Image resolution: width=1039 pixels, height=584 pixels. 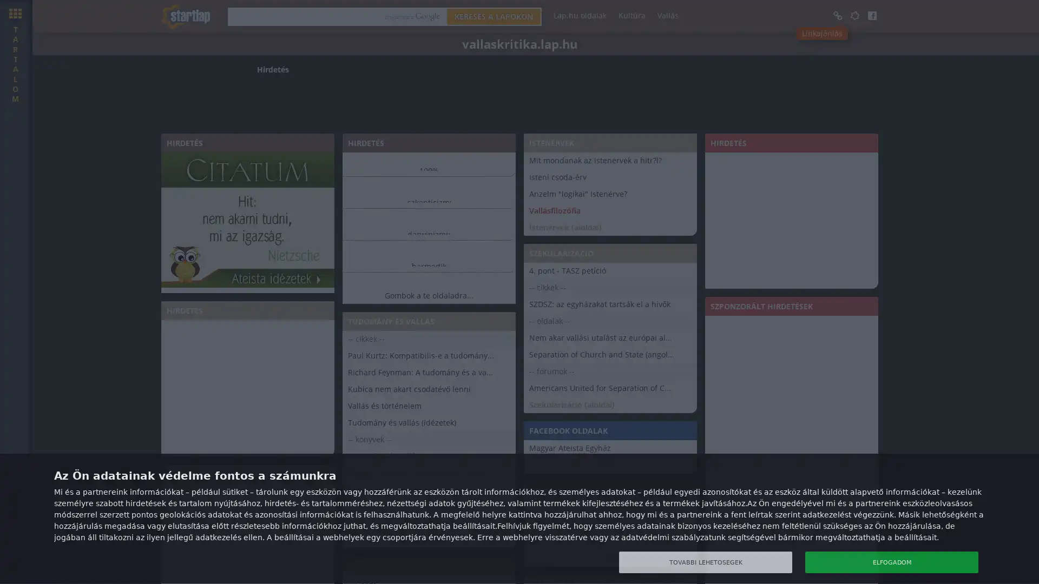 What do you see at coordinates (706, 562) in the screenshot?
I see `TOVABBI LEHETOSEGEK` at bounding box center [706, 562].